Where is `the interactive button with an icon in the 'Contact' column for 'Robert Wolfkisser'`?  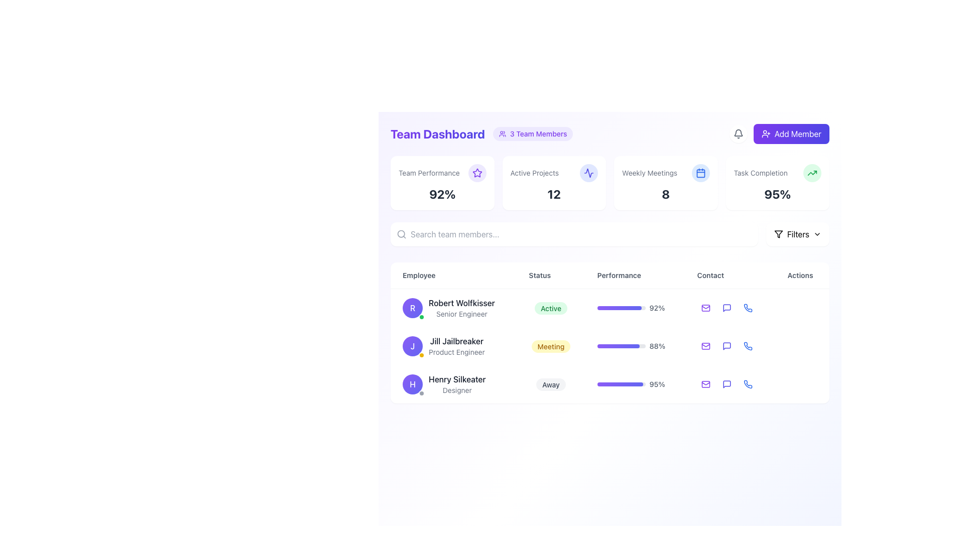 the interactive button with an icon in the 'Contact' column for 'Robert Wolfkisser' is located at coordinates (727, 307).